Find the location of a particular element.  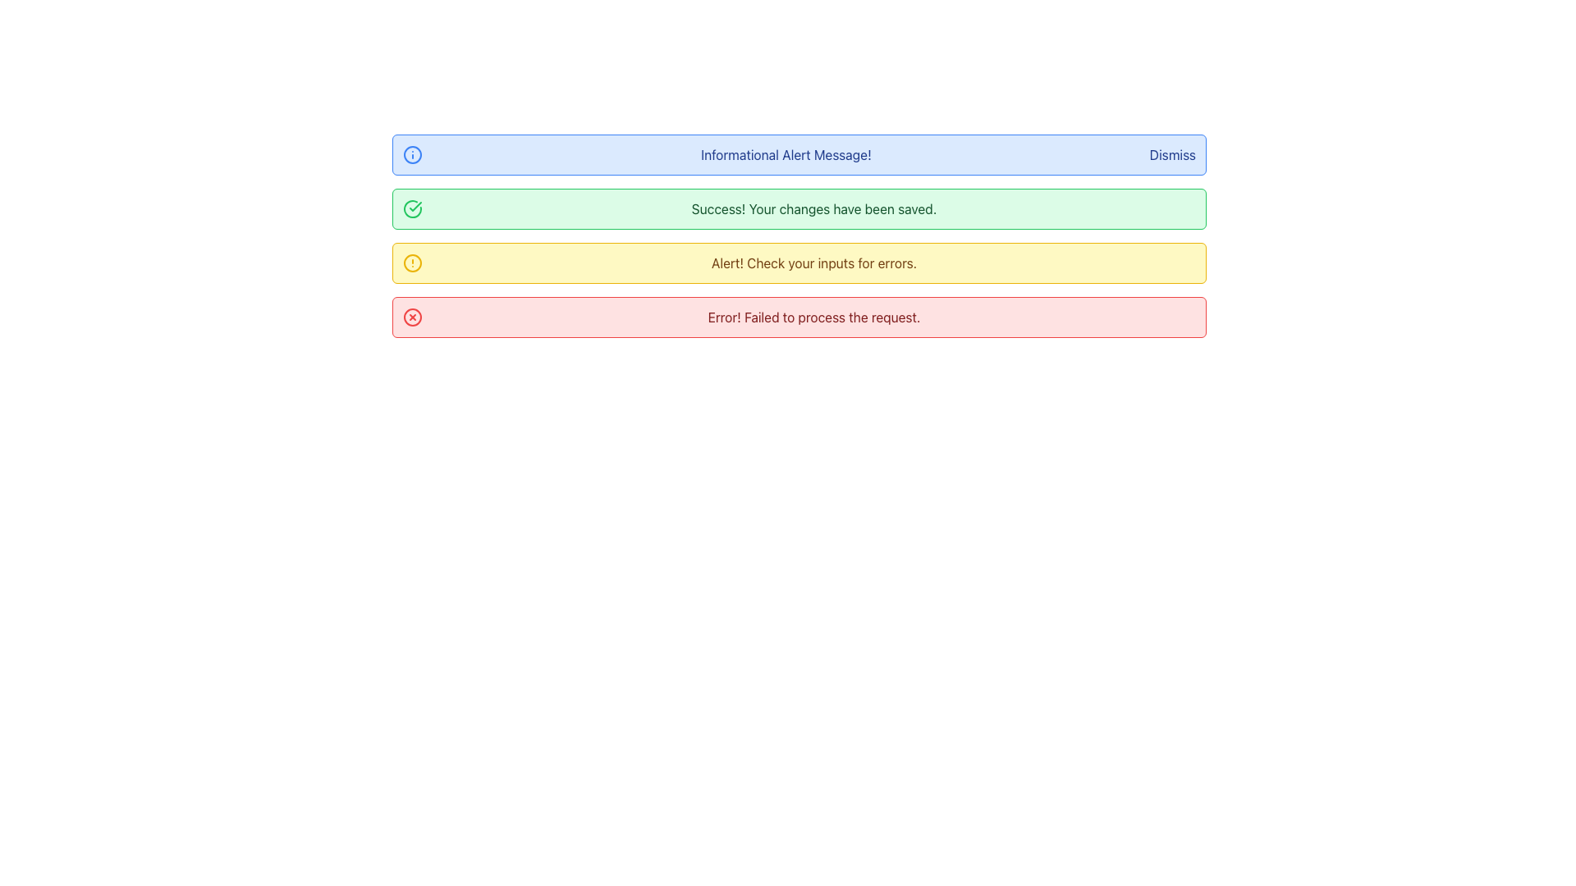

the circular decorative graphic within the yellow alert message box that contains the text 'Alert! Check your inputs for errors.' is located at coordinates (413, 262).